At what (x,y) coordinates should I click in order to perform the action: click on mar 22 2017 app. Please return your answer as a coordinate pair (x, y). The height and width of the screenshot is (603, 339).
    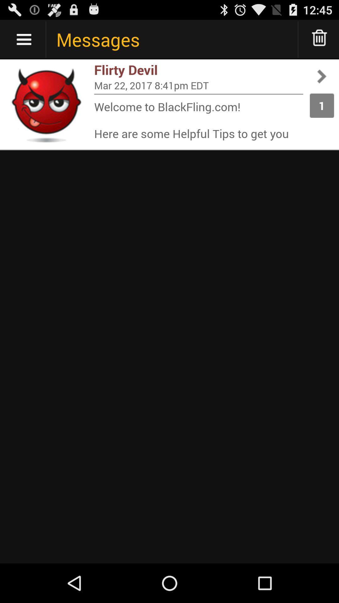
    Looking at the image, I should click on (198, 85).